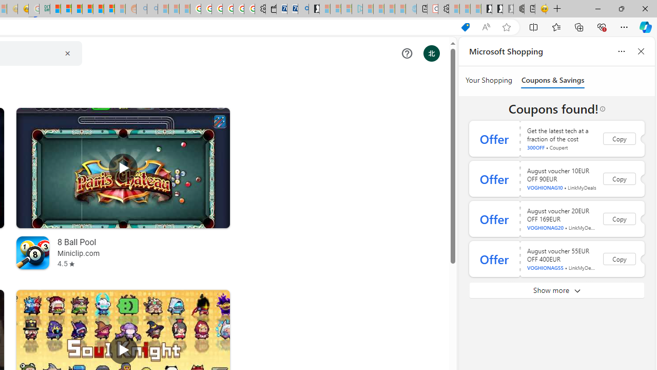 This screenshot has width=657, height=370. What do you see at coordinates (44, 9) in the screenshot?
I see `'DITOGAMES AG Imprint'` at bounding box center [44, 9].